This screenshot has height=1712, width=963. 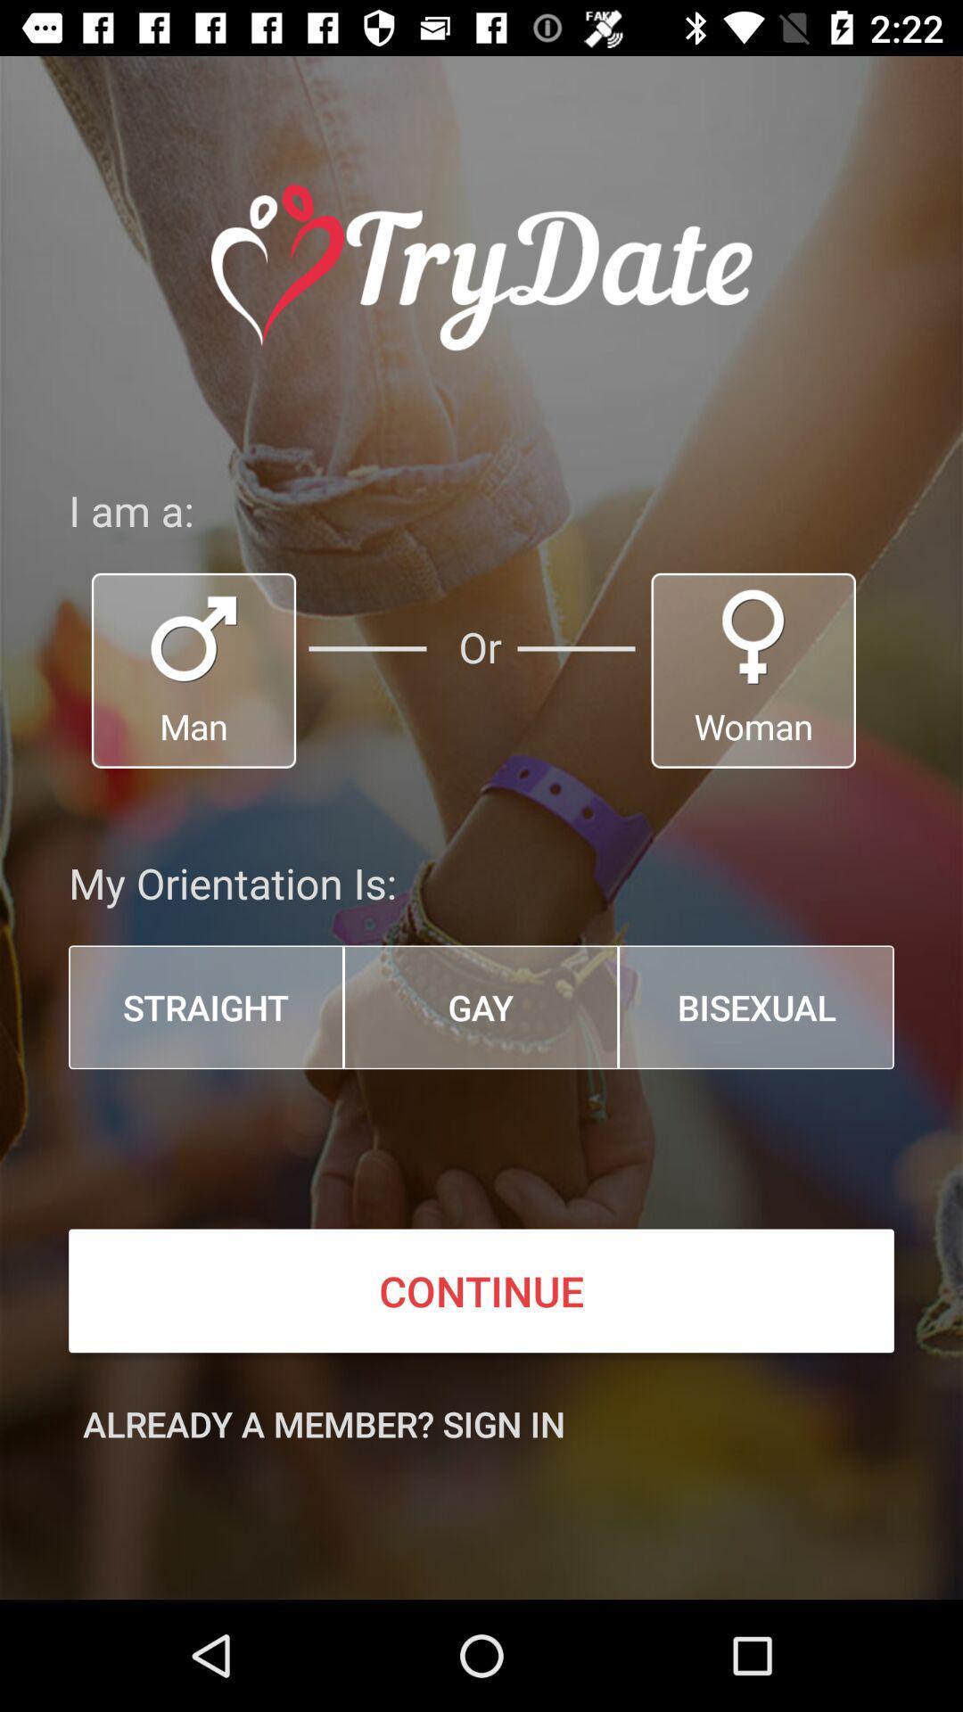 I want to click on man, so click(x=193, y=670).